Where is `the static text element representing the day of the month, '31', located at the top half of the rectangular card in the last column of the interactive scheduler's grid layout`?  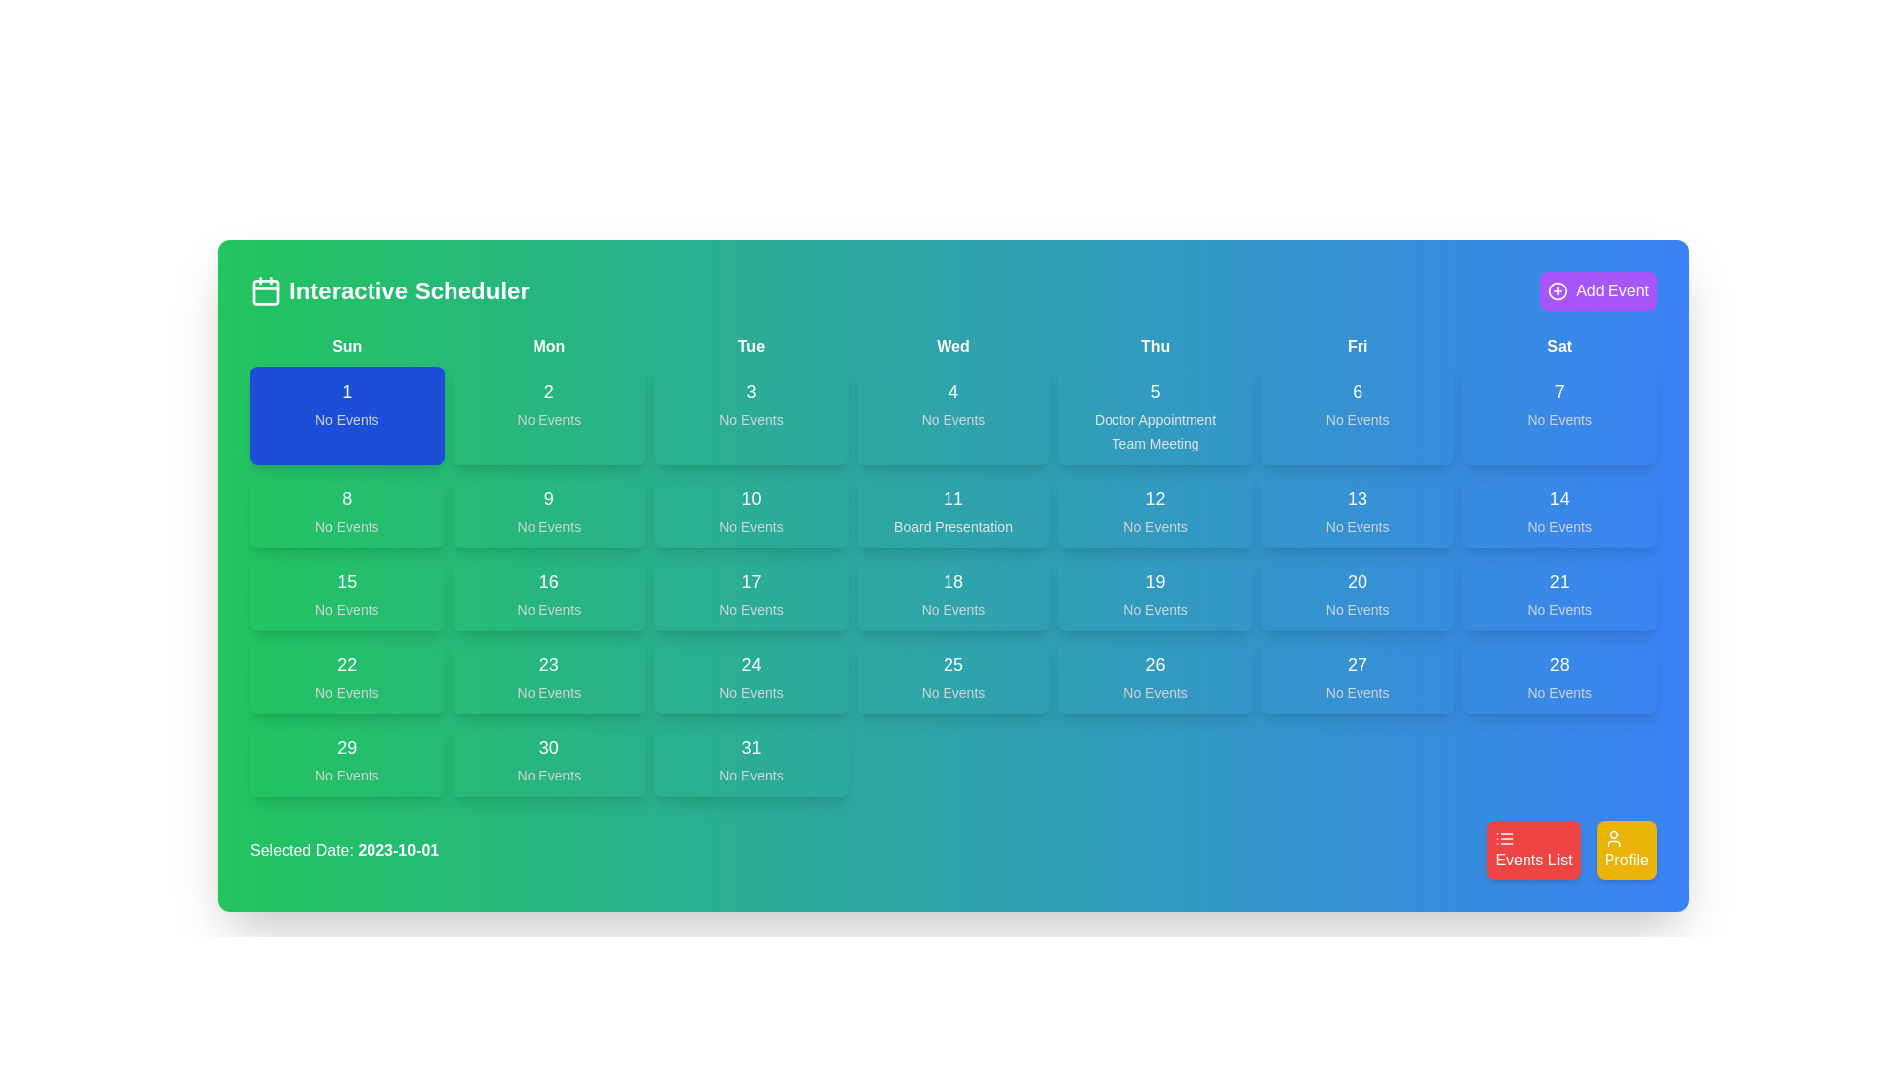
the static text element representing the day of the month, '31', located at the top half of the rectangular card in the last column of the interactive scheduler's grid layout is located at coordinates (750, 747).